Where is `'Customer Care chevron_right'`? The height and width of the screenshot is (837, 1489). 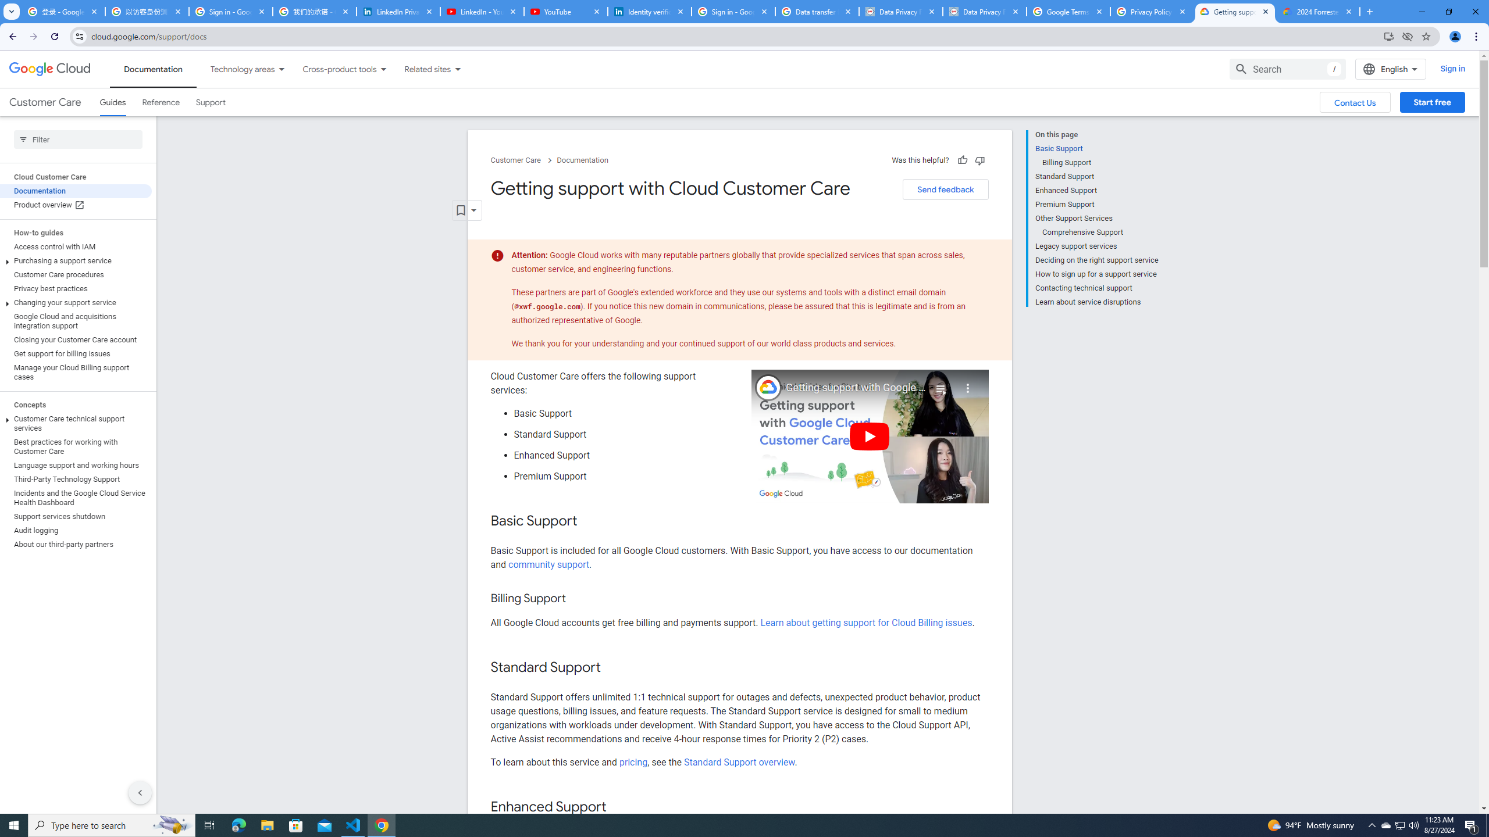 'Customer Care chevron_right' is located at coordinates (522, 160).